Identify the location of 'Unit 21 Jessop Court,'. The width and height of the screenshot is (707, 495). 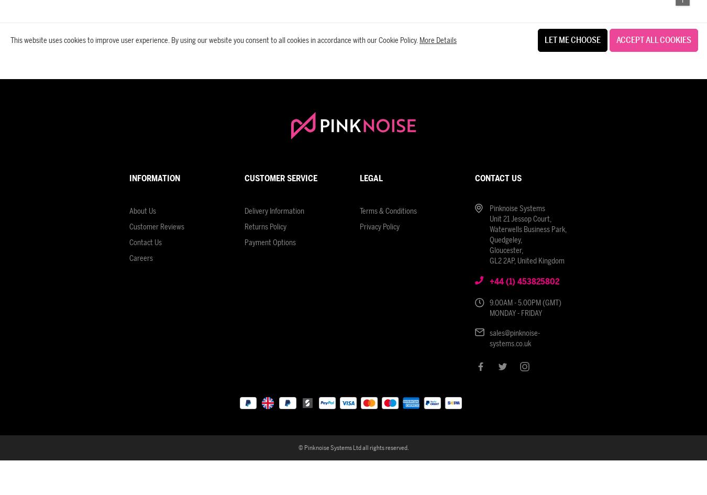
(520, 219).